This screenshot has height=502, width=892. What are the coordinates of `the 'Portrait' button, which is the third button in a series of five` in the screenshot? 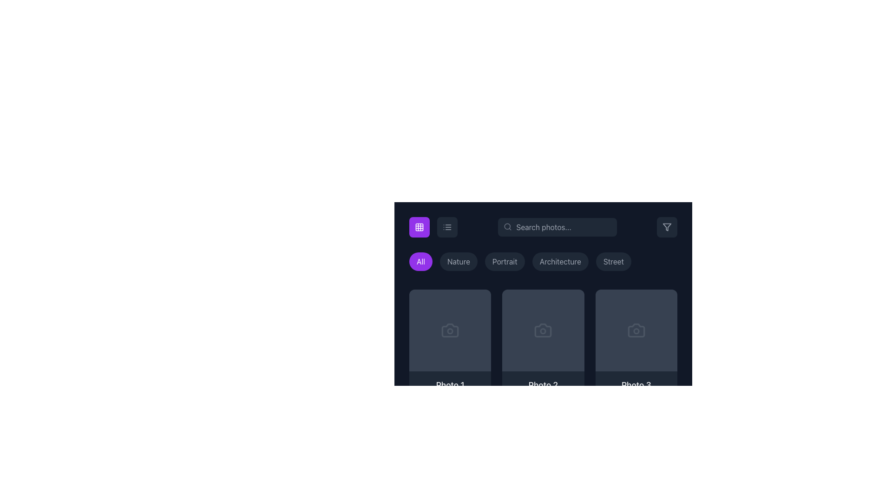 It's located at (504, 262).